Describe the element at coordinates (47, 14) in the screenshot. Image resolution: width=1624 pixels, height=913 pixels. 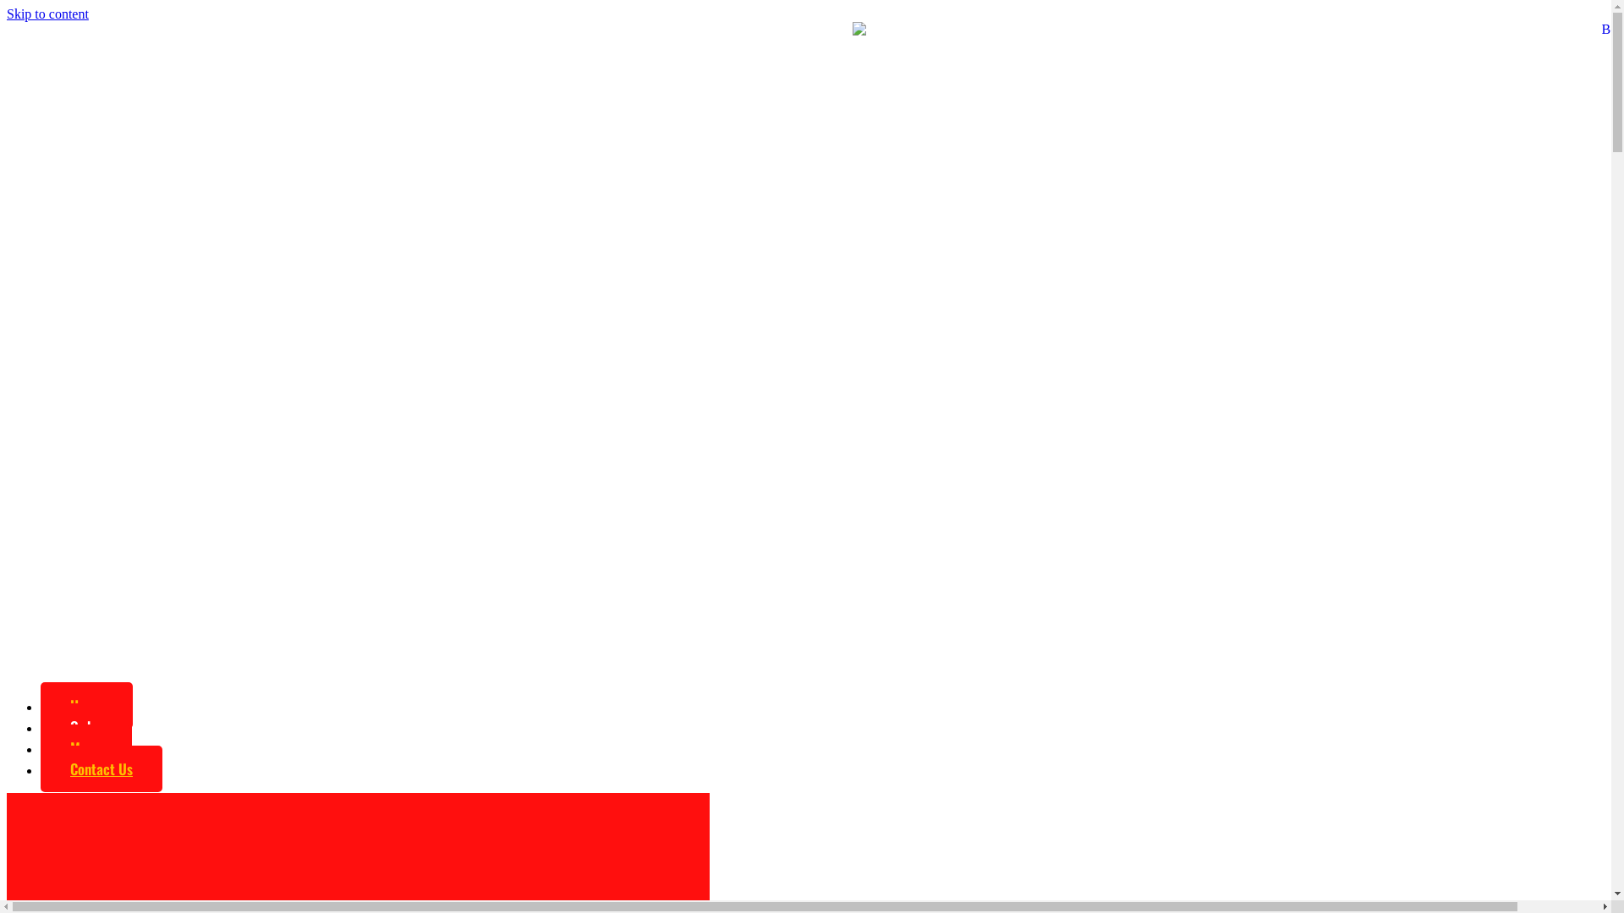
I see `'Skip to content'` at that location.